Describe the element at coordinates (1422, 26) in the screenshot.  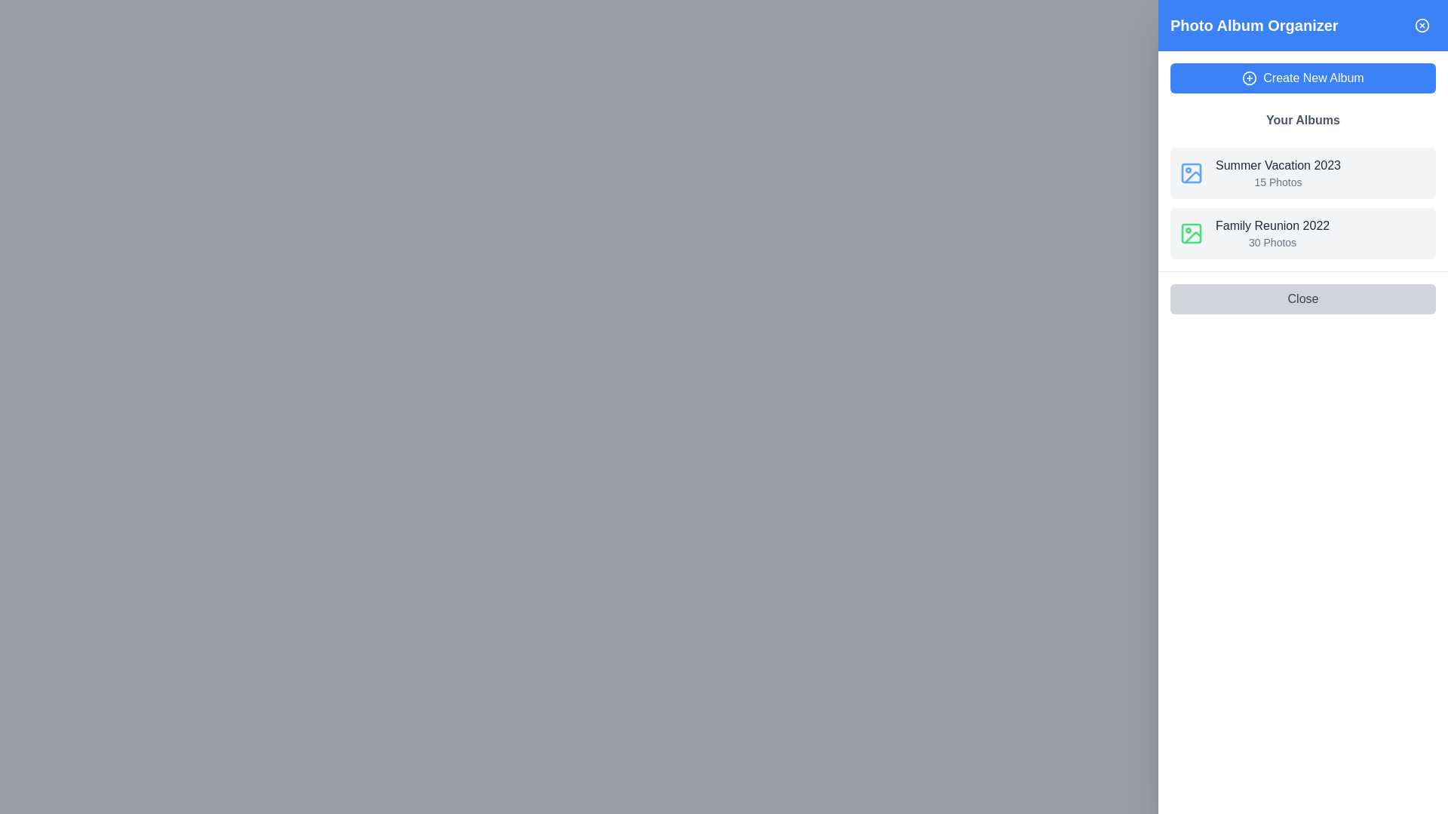
I see `the close icon button, which is a small round icon with a white circle outline enclosing an 'X', located in the top-right corner of the blue header bar labeled 'Photo Album Organizer'` at that location.